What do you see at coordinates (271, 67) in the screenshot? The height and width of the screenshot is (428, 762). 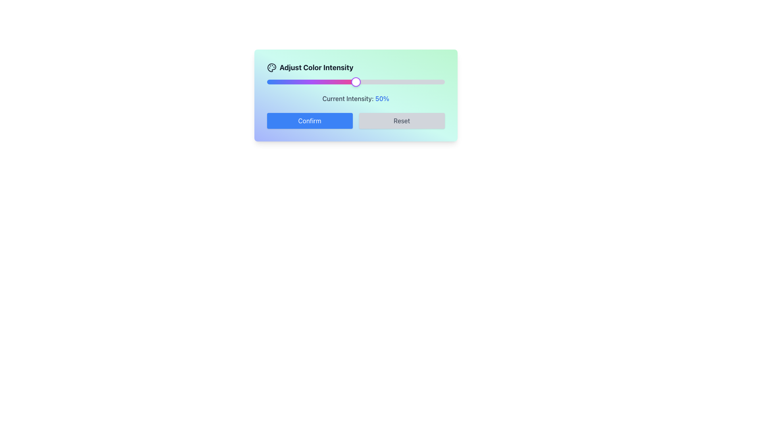 I see `the decorative icon next to the 'Adjust Color Intensity' text in the modal header` at bounding box center [271, 67].